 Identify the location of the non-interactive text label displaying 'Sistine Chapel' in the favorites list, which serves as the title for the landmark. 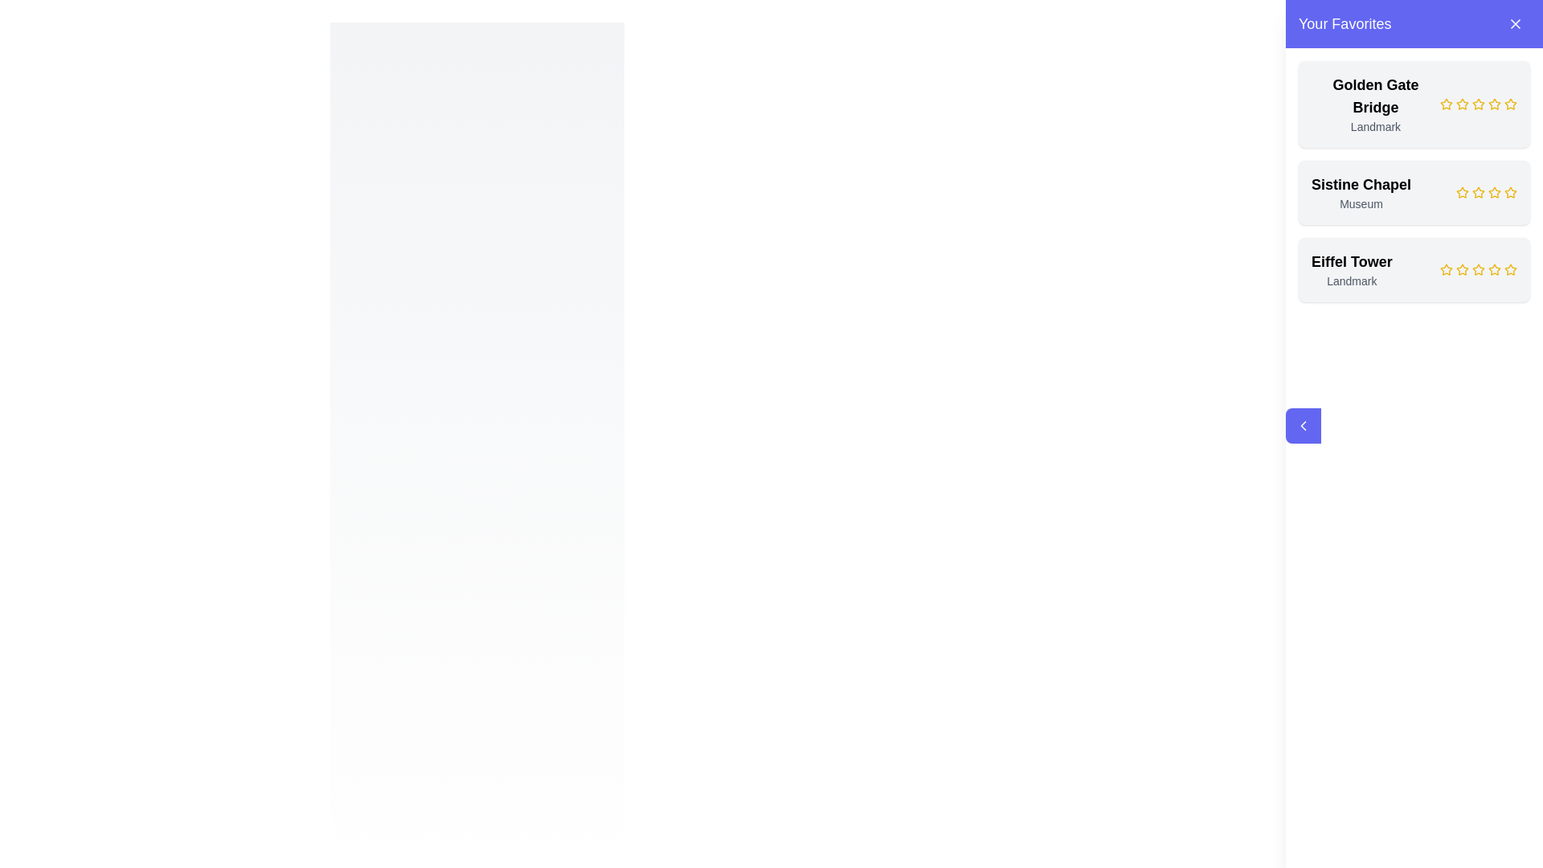
(1361, 184).